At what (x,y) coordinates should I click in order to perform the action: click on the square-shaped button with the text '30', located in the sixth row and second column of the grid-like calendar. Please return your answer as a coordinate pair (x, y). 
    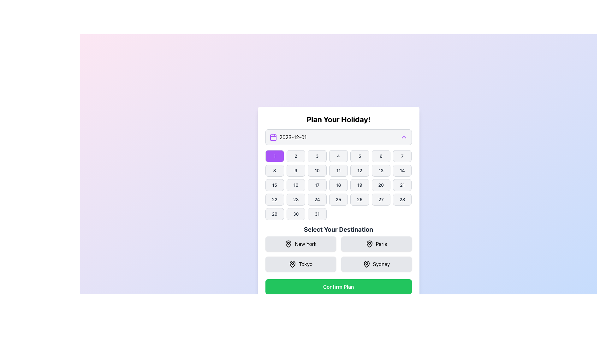
    Looking at the image, I should click on (295, 213).